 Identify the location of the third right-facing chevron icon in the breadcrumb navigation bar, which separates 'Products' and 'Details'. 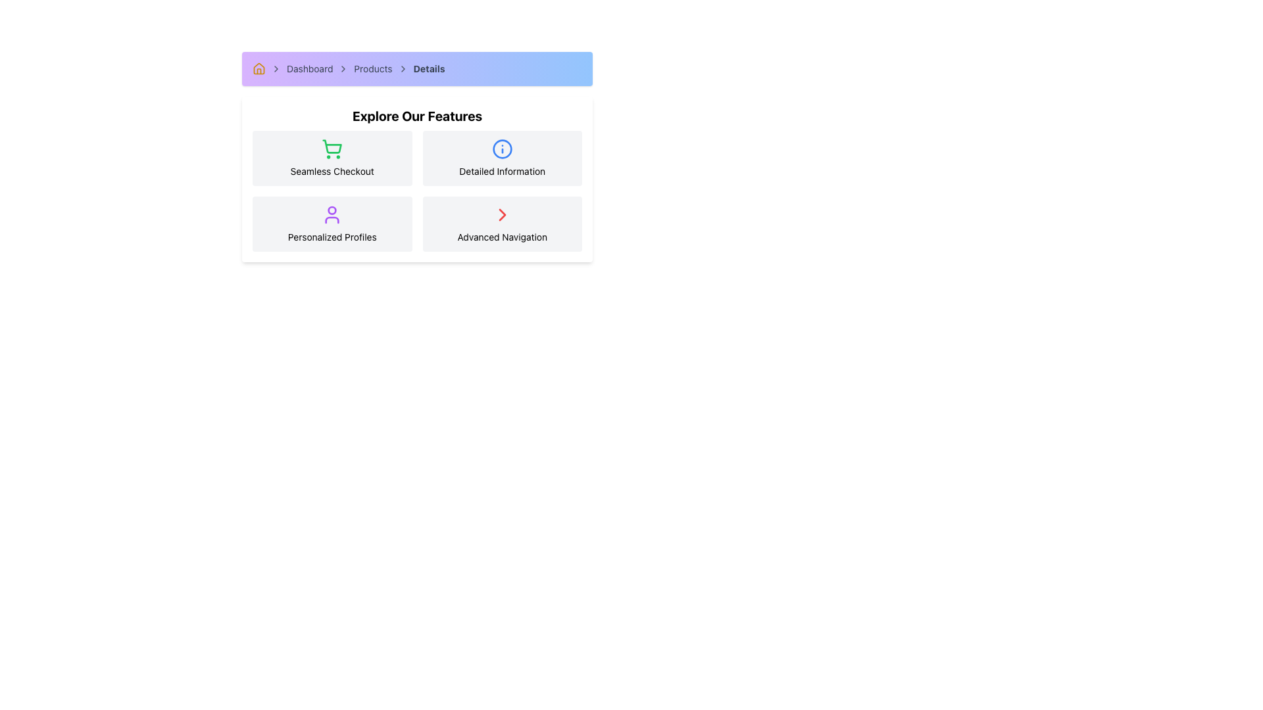
(343, 68).